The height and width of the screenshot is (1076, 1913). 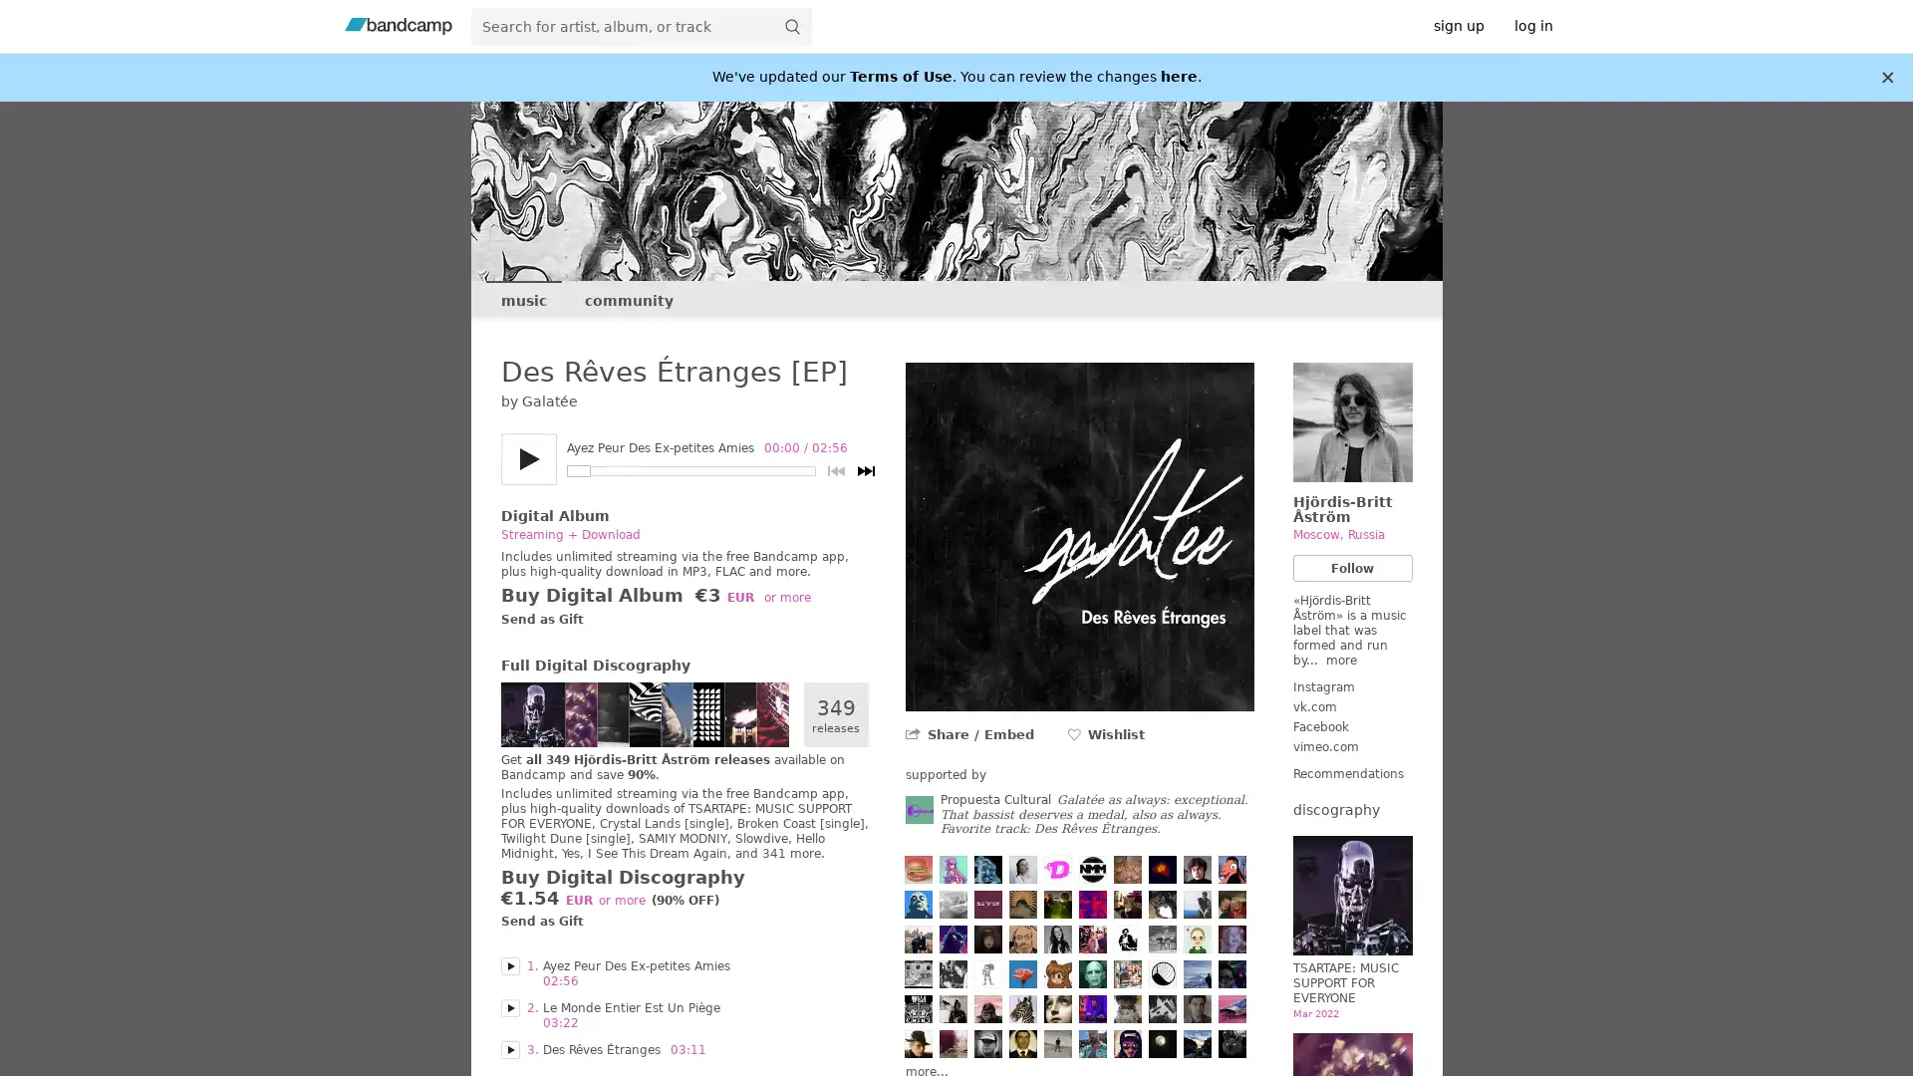 I want to click on Play Ayez Peur Des Ex-petites Amies, so click(x=509, y=963).